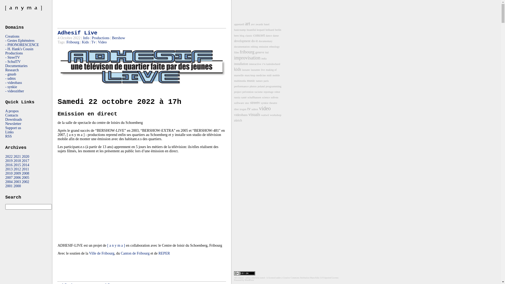 This screenshot has height=284, width=505. Describe the element at coordinates (98, 42) in the screenshot. I see `'Video'` at that location.